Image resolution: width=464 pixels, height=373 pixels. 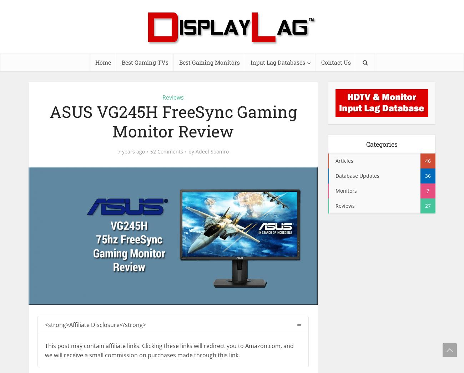 I want to click on 'ASUS VG245H FreeSync Gaming Monitor Review', so click(x=172, y=121).